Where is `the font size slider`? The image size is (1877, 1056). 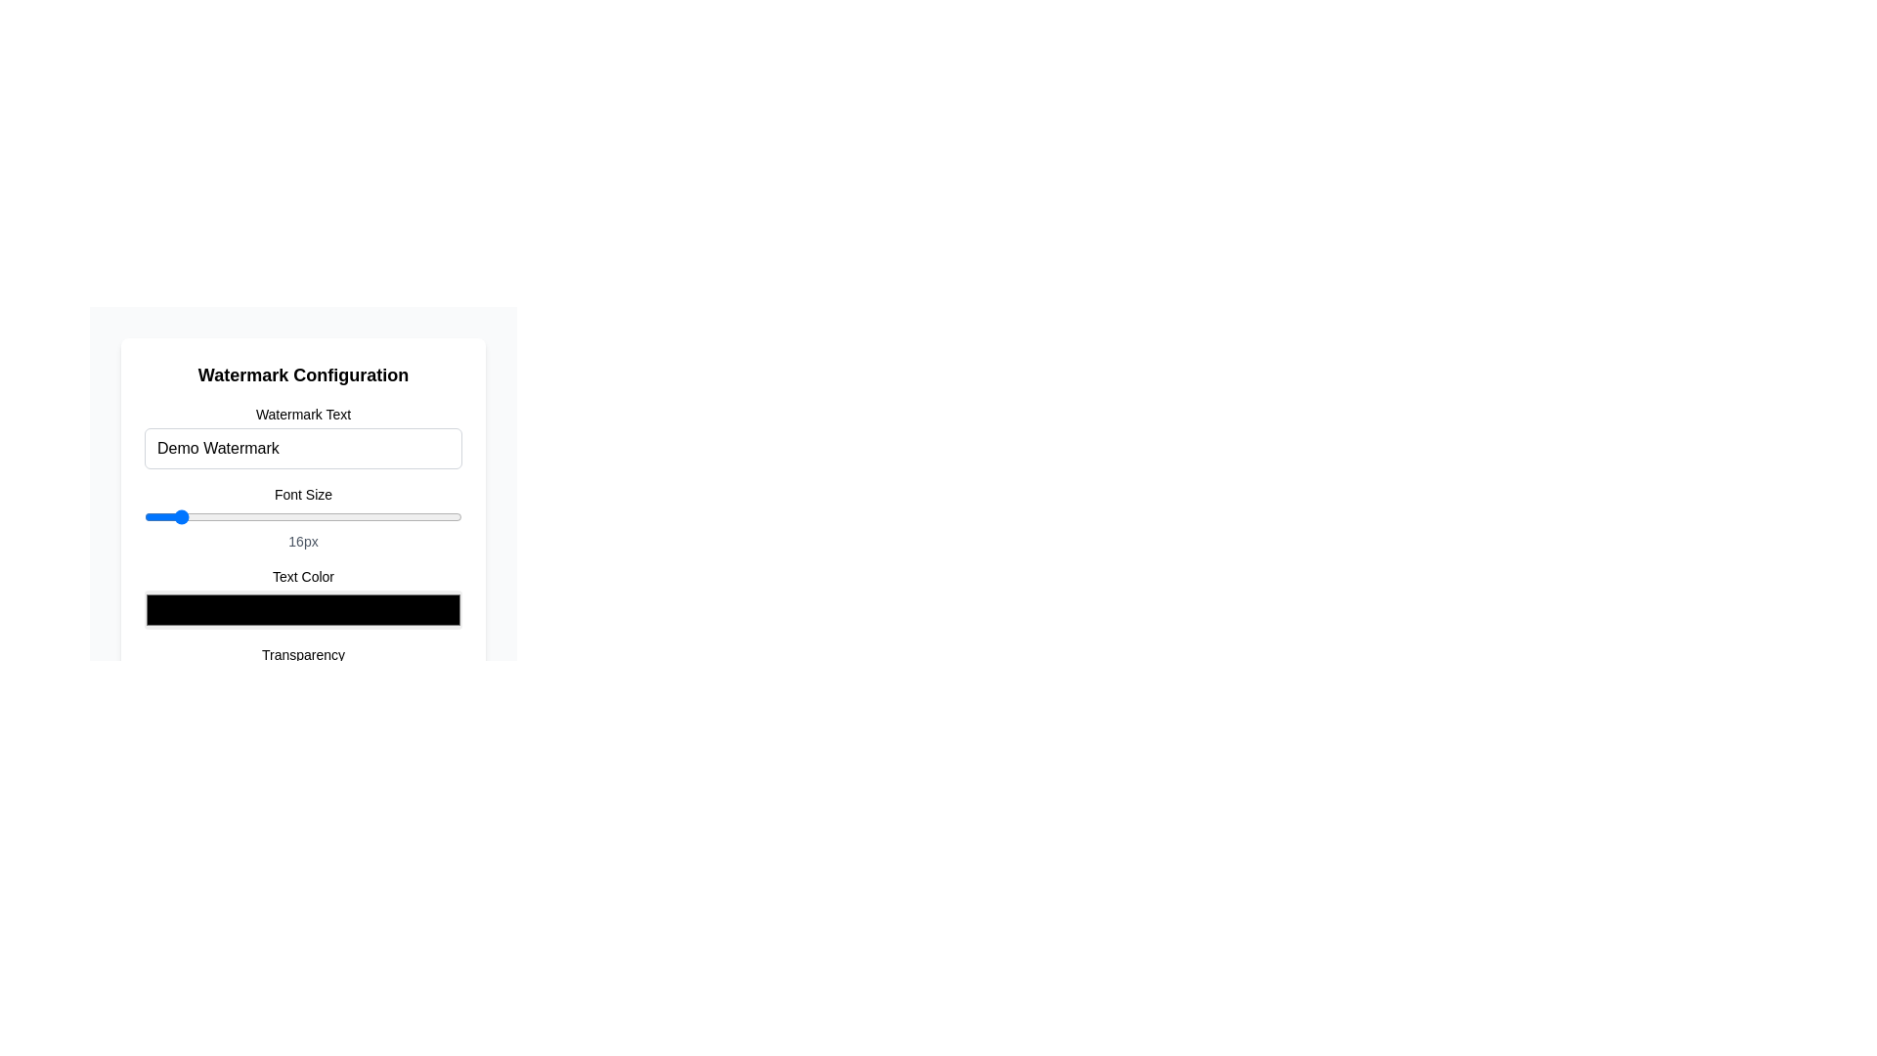
the font size slider is located at coordinates (354, 515).